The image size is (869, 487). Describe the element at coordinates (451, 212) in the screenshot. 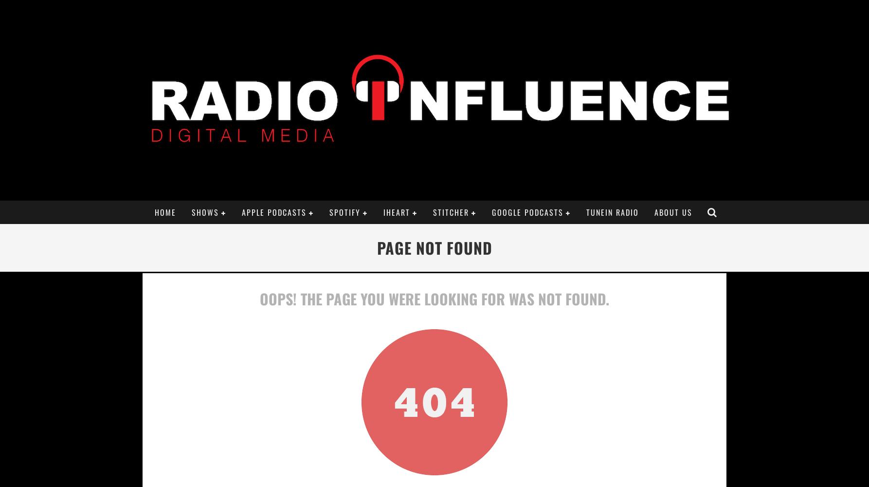

I see `'Stitcher'` at that location.